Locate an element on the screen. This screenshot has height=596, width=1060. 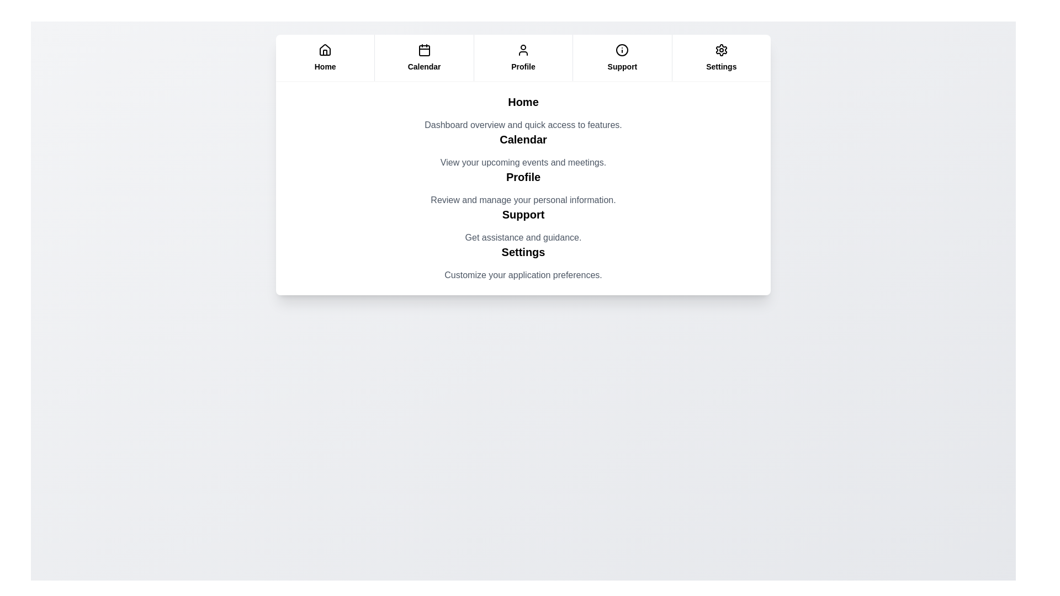
the gray text label that reads 'Dashboard overview and quick access to features.' positioned below the 'Home' headline is located at coordinates (523, 125).